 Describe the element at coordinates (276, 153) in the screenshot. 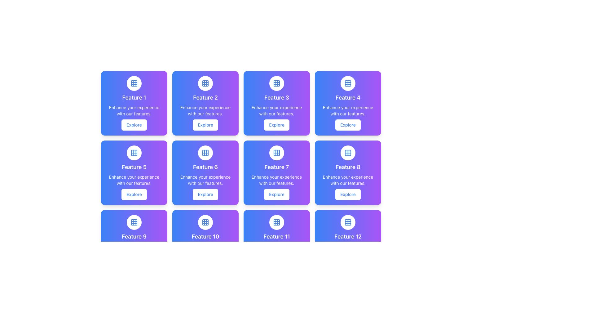

I see `the grid icon encapsulated within the blue circular button at the top of the 'Feature 7' card` at that location.